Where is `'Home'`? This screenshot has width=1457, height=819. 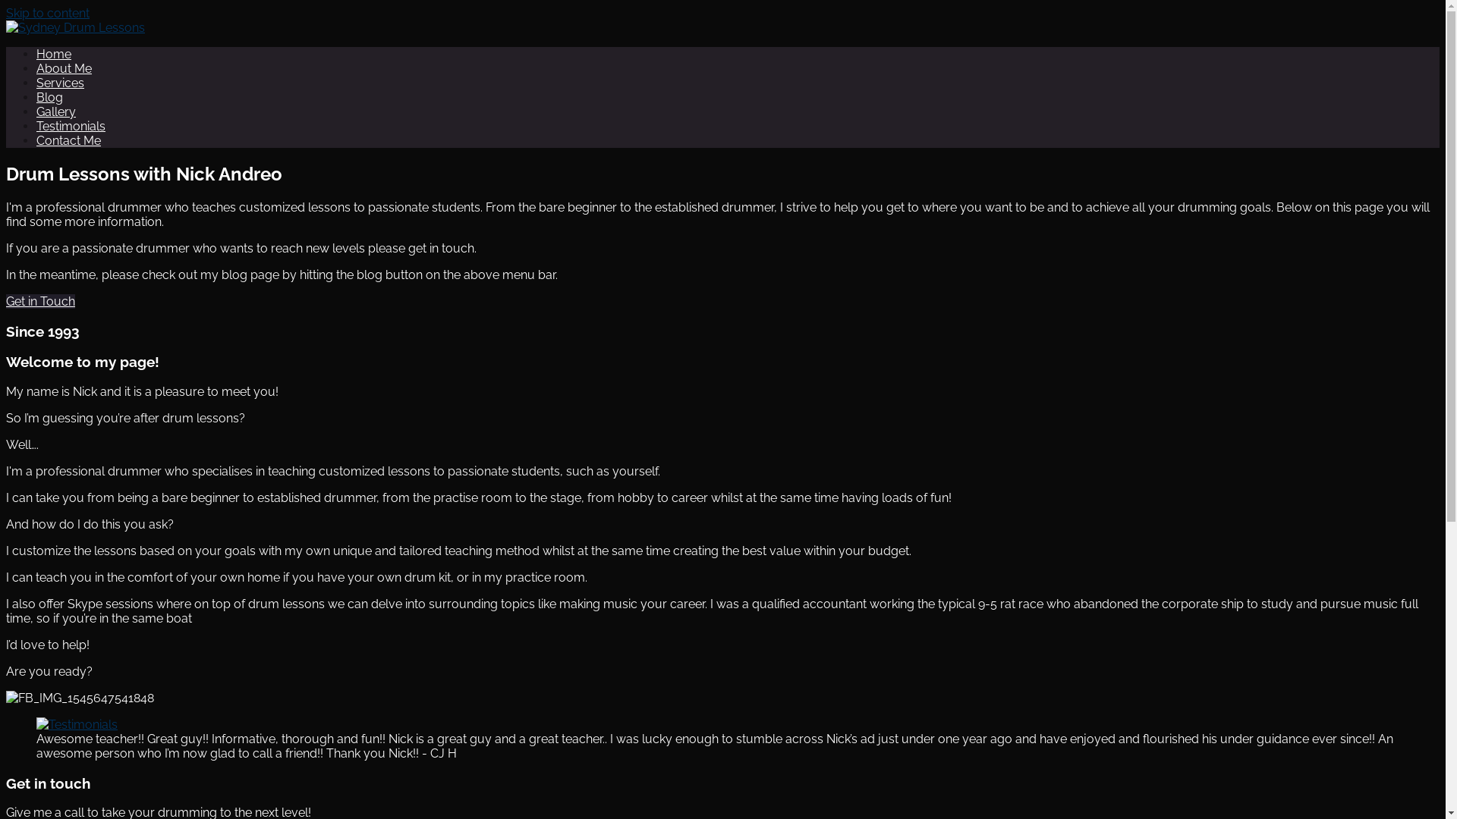
'Home' is located at coordinates (54, 53).